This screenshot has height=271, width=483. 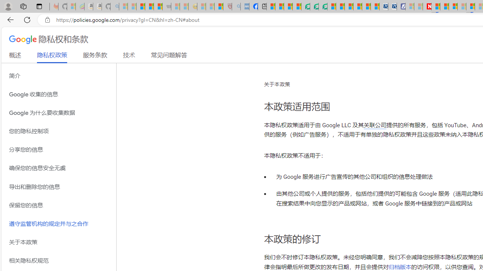 What do you see at coordinates (323, 6) in the screenshot?
I see `'Microsoft Word - consumer-privacy address update 2.2021'` at bounding box center [323, 6].